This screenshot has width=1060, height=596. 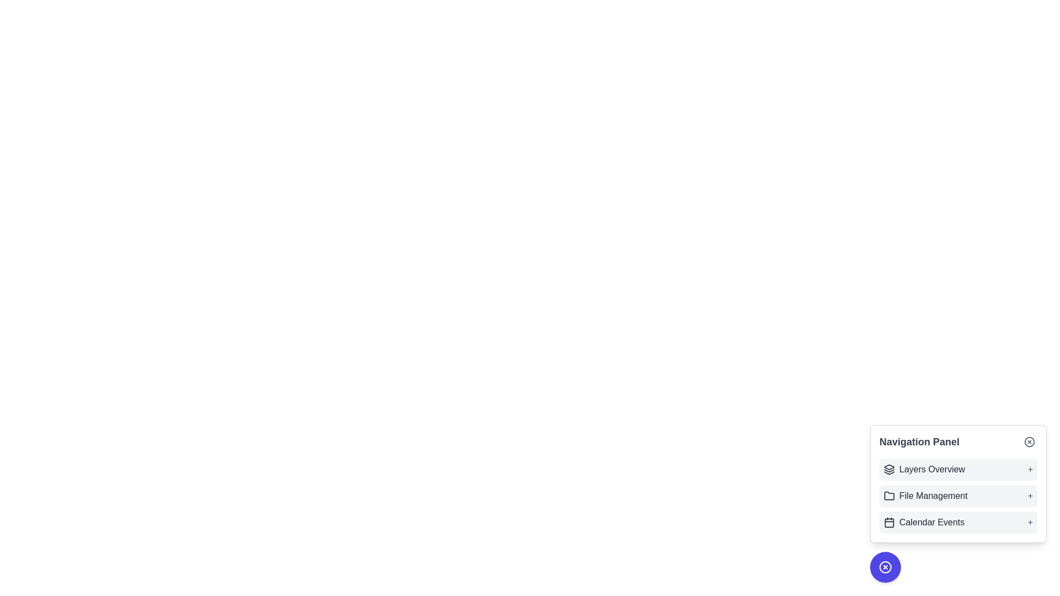 I want to click on text of the navigation link or label related to calendar events, located in the third row of the navigation panel, below 'Layers Overview' and above 'File Management', so click(x=924, y=522).